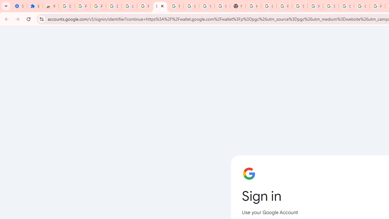  What do you see at coordinates (346, 6) in the screenshot?
I see `'Sign in - Google Accounts'` at bounding box center [346, 6].